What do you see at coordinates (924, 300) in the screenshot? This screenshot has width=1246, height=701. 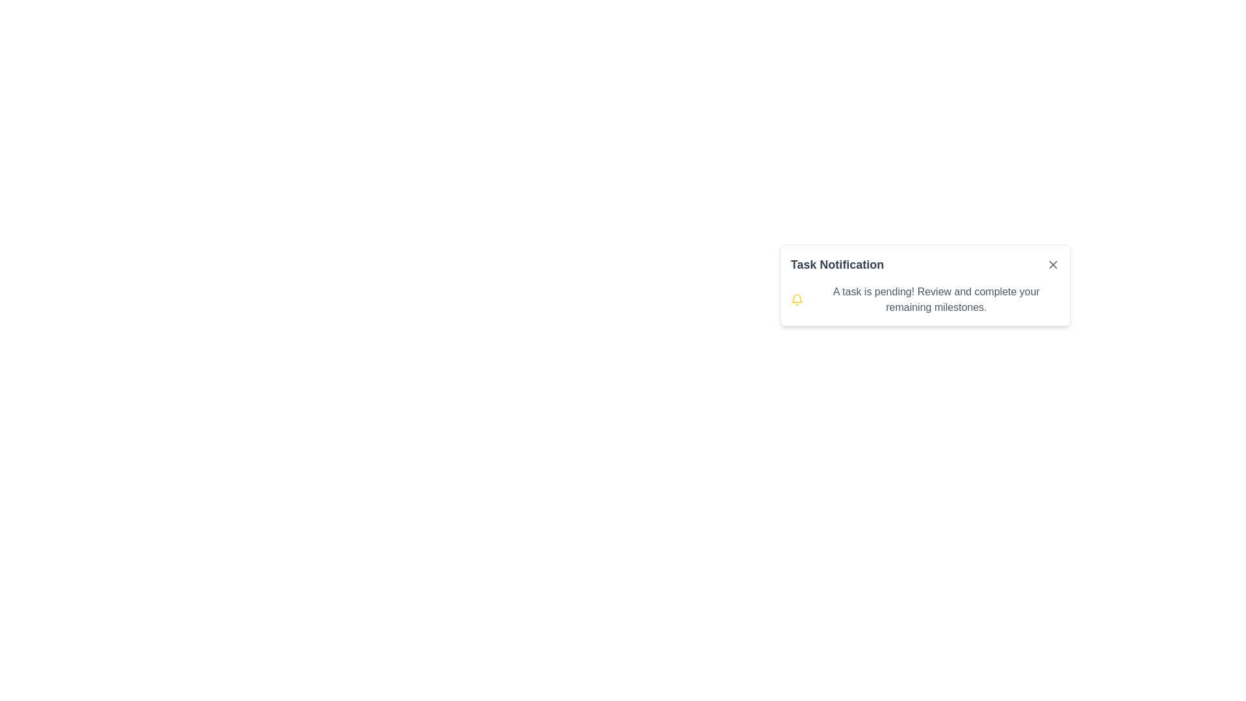 I see `information displayed in the Notification message with an icon, which is located below the title 'Task Notification' in the notification card` at bounding box center [924, 300].